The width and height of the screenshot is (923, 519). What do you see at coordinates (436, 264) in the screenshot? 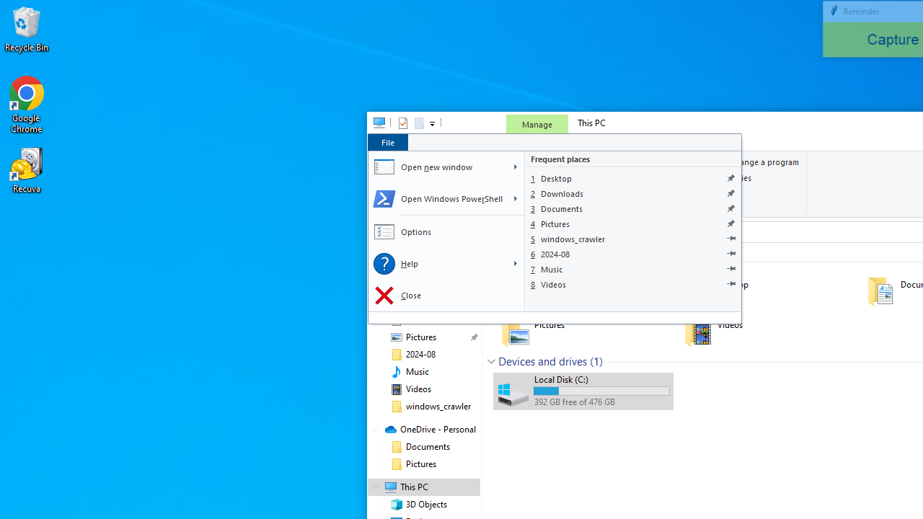
I see `'Help'` at bounding box center [436, 264].